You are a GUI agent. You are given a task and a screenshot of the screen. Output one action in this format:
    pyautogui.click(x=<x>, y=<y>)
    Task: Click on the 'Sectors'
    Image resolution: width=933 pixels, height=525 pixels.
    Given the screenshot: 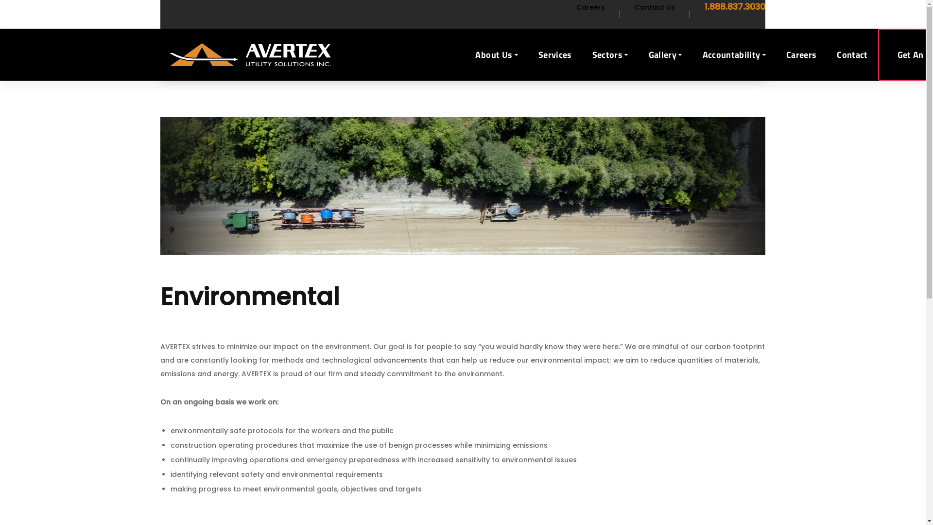 What is the action you would take?
    pyautogui.click(x=610, y=54)
    